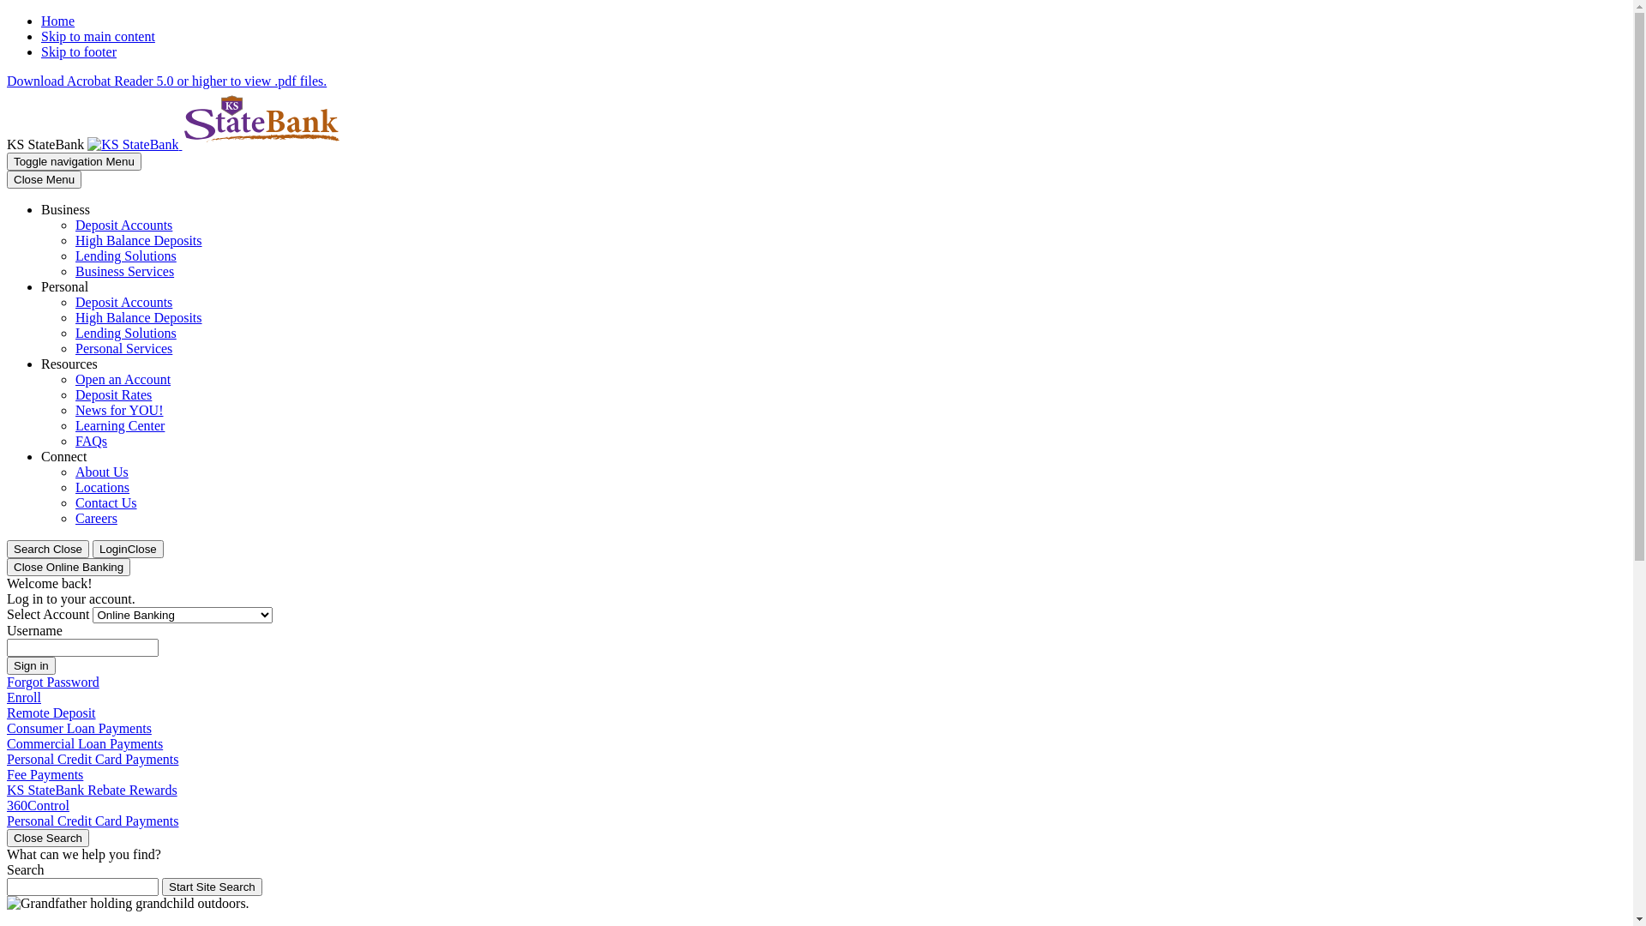  What do you see at coordinates (123, 270) in the screenshot?
I see `'Business Services'` at bounding box center [123, 270].